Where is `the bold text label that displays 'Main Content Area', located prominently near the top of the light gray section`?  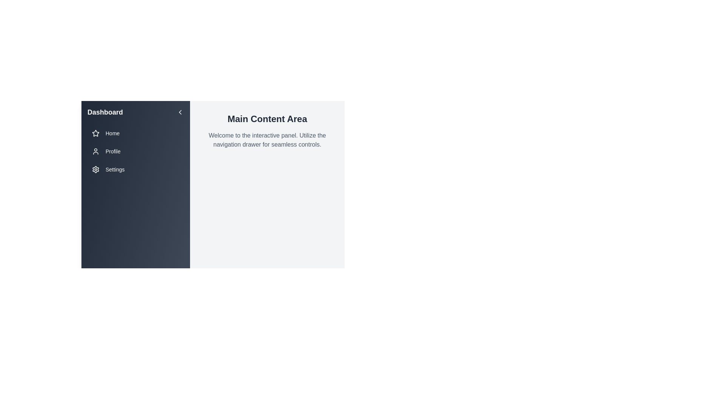 the bold text label that displays 'Main Content Area', located prominently near the top of the light gray section is located at coordinates (267, 119).